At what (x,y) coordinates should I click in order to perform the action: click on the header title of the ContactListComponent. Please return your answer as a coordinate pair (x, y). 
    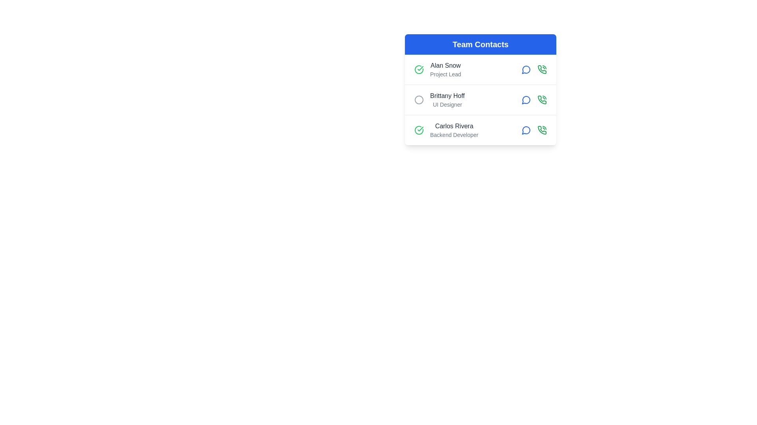
    Looking at the image, I should click on (480, 44).